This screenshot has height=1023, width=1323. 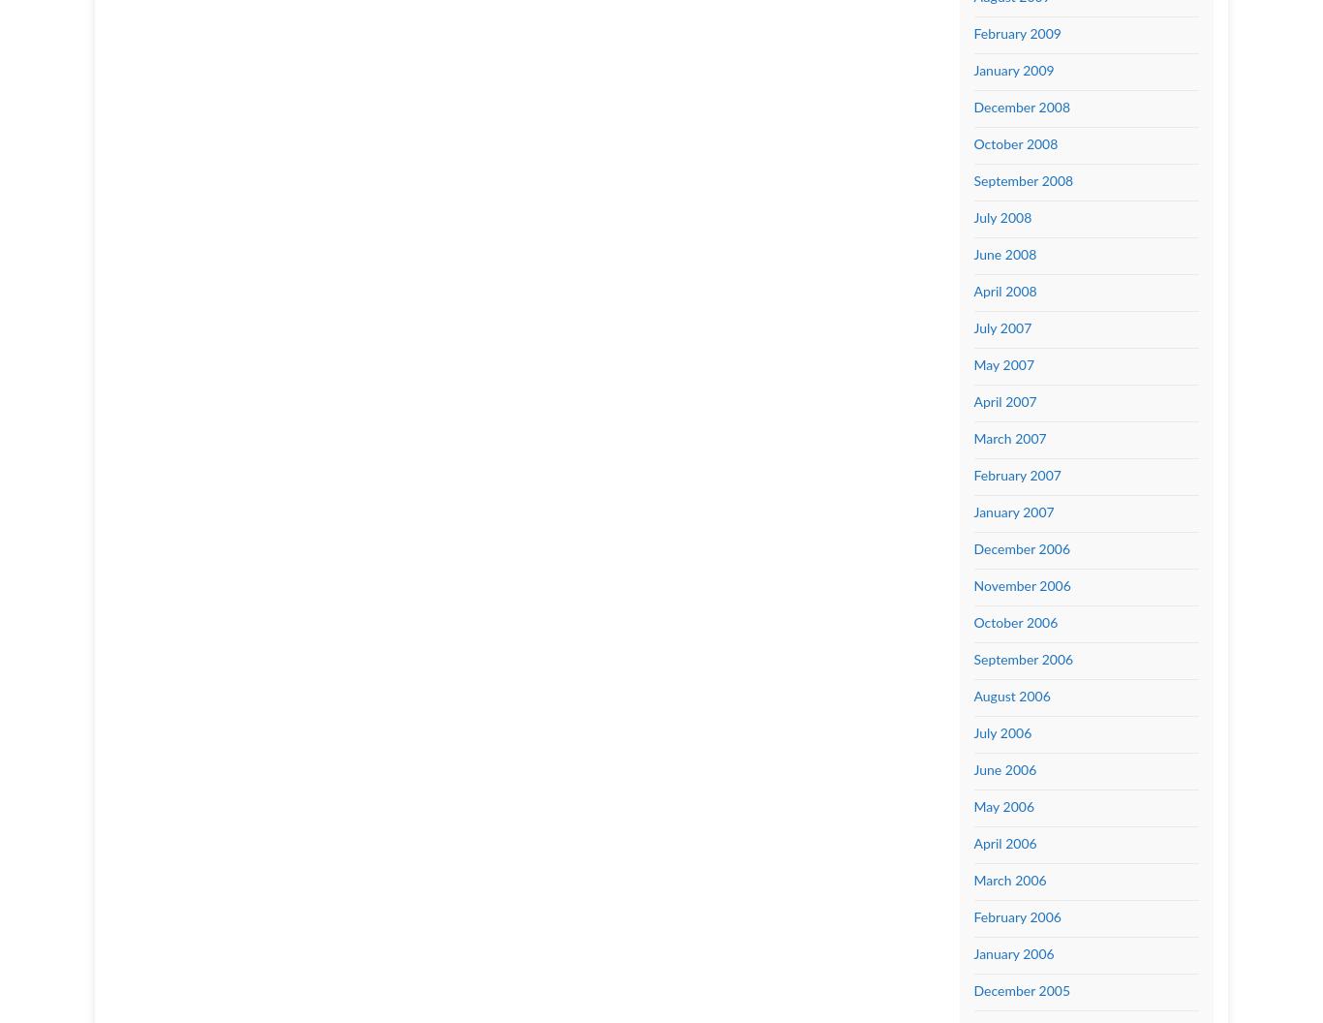 What do you see at coordinates (1020, 106) in the screenshot?
I see `'December 2008'` at bounding box center [1020, 106].